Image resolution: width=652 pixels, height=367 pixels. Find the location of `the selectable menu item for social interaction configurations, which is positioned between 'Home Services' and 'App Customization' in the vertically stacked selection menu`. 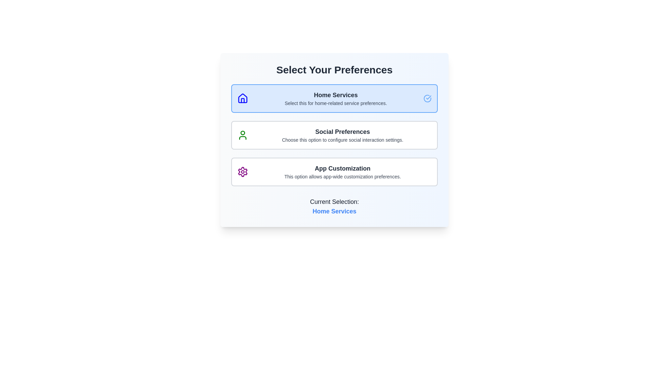

the selectable menu item for social interaction configurations, which is positioned between 'Home Services' and 'App Customization' in the vertically stacked selection menu is located at coordinates (342, 135).